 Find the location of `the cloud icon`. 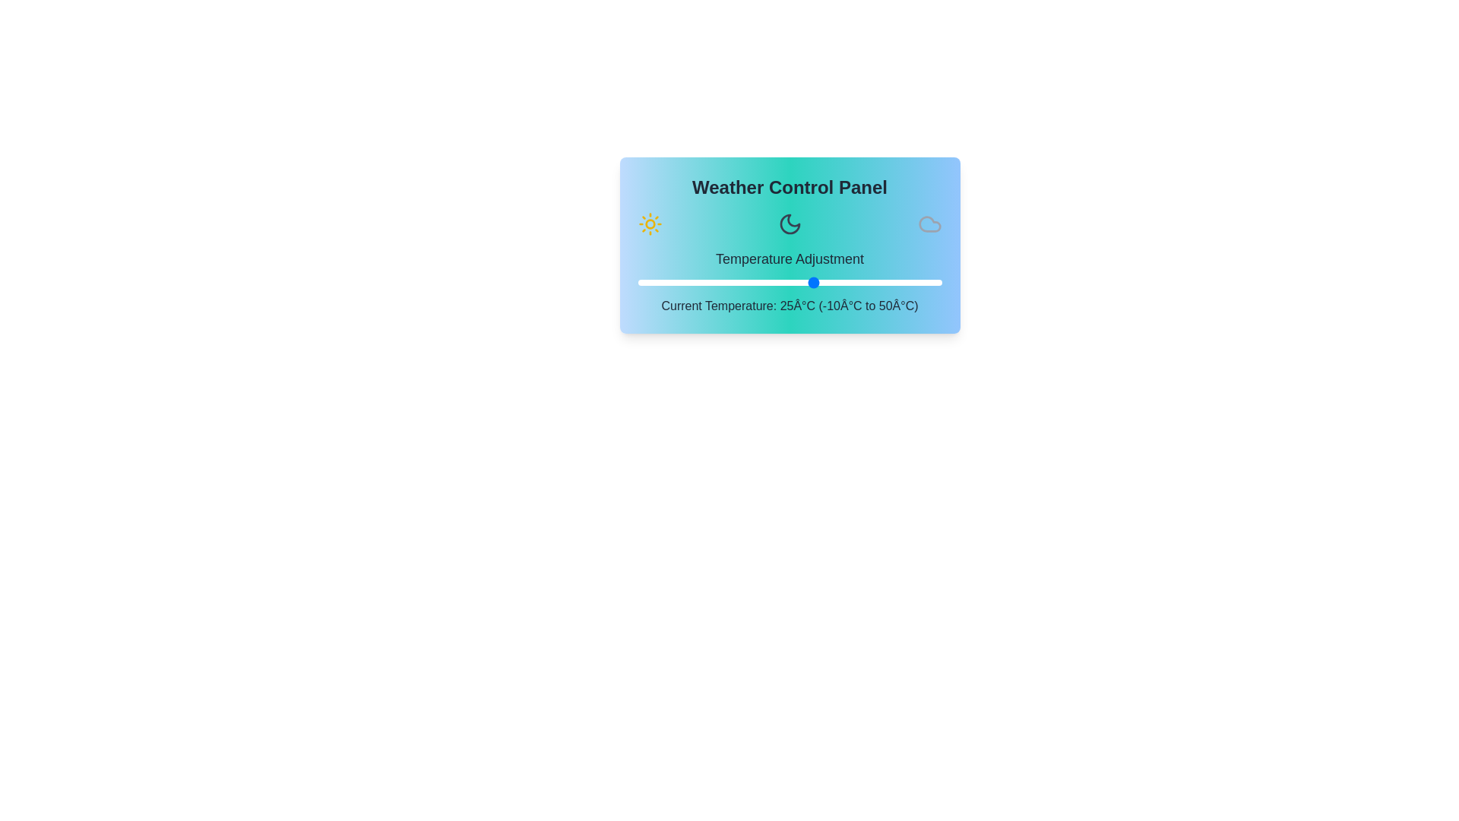

the cloud icon is located at coordinates (929, 223).